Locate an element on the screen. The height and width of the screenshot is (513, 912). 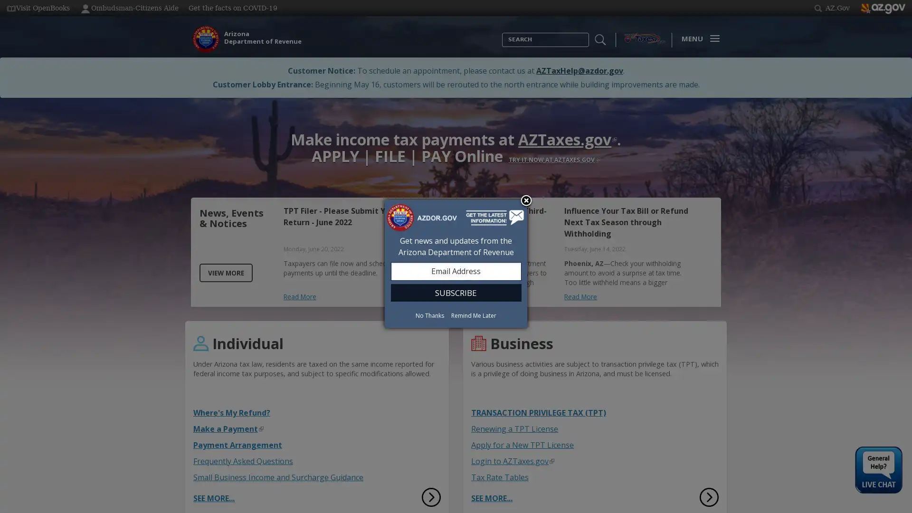
No Thanks is located at coordinates (429, 315).